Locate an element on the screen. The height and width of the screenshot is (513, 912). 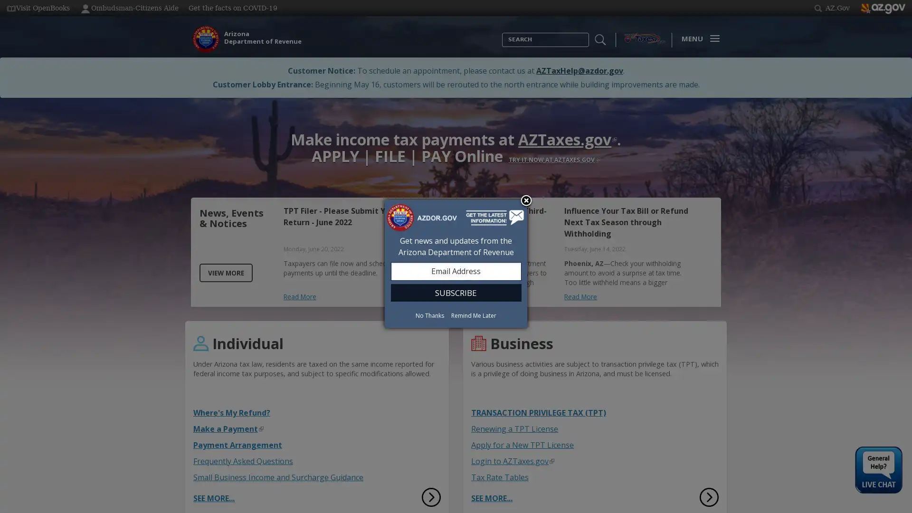
No Thanks is located at coordinates (429, 315).